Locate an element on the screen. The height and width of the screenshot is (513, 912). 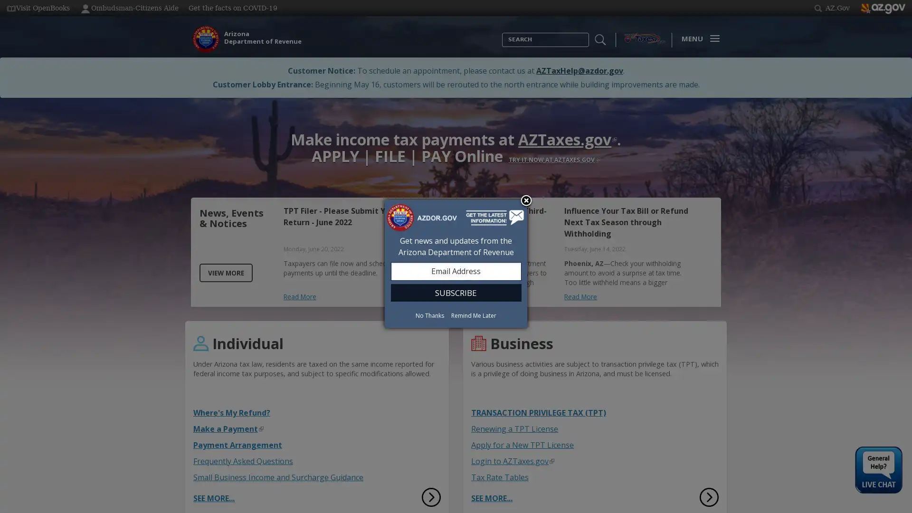
No Thanks is located at coordinates (429, 315).